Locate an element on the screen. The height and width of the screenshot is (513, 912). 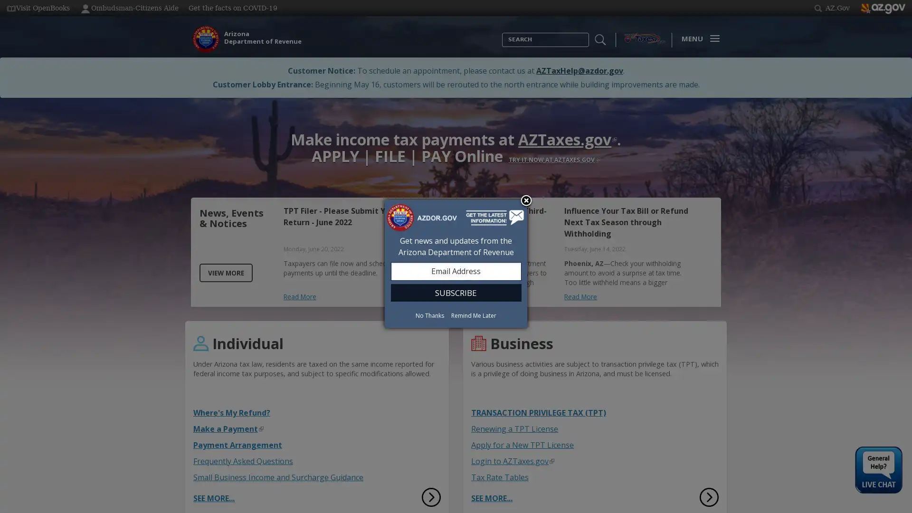
No Thanks is located at coordinates (429, 315).